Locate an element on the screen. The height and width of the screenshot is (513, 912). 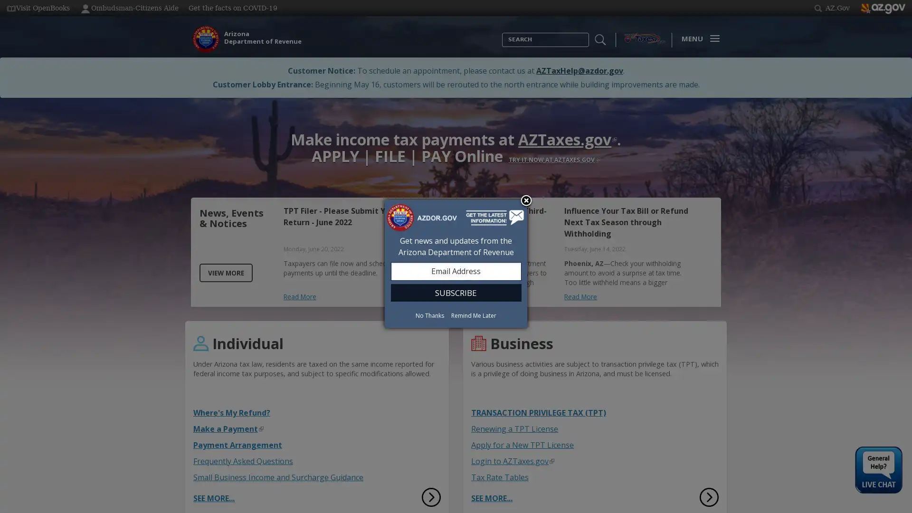
No Thanks is located at coordinates (429, 315).